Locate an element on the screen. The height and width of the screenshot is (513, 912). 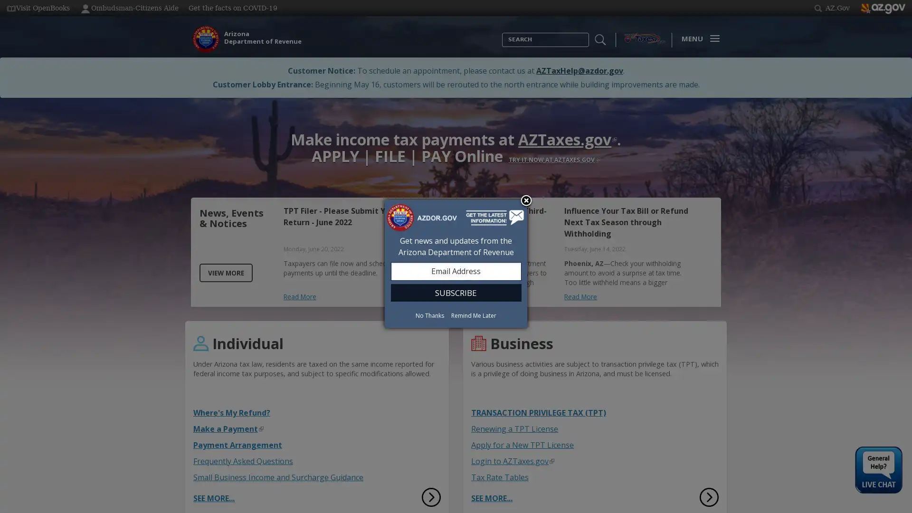
No Thanks is located at coordinates (429, 315).